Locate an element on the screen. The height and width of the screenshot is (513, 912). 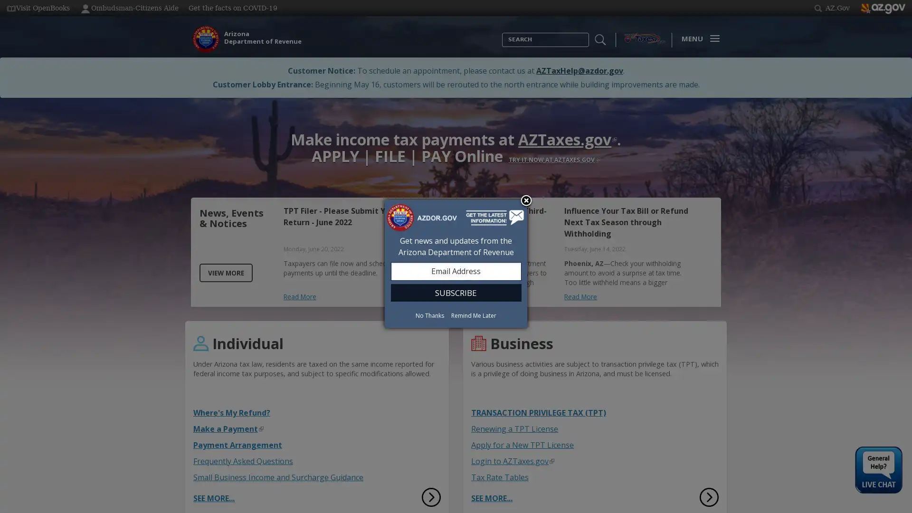
No Thanks is located at coordinates (429, 315).